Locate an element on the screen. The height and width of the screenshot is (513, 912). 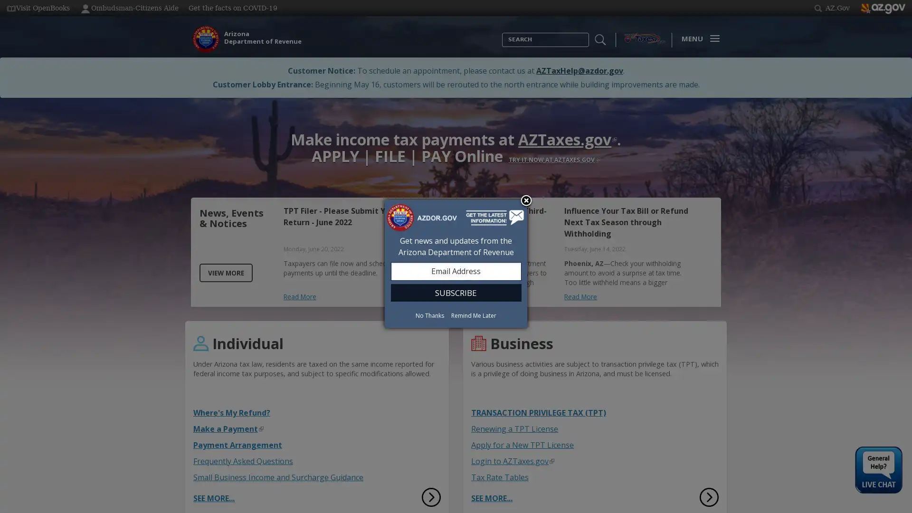
No Thanks is located at coordinates (429, 315).